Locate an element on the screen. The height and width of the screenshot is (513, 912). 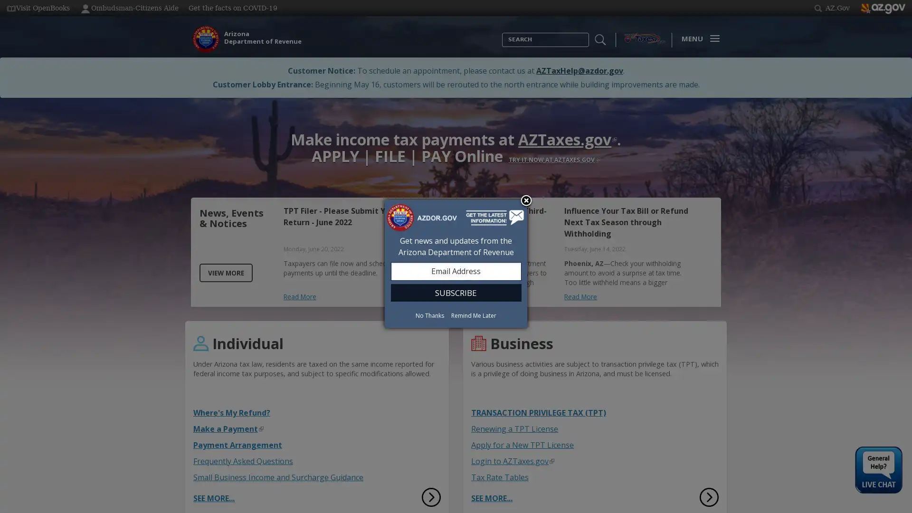
No Thanks is located at coordinates (429, 315).